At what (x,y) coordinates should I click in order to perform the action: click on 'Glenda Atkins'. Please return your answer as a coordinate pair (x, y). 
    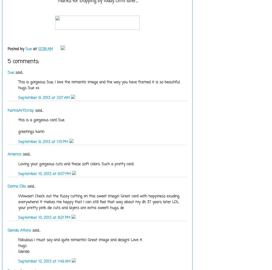
    Looking at the image, I should click on (19, 230).